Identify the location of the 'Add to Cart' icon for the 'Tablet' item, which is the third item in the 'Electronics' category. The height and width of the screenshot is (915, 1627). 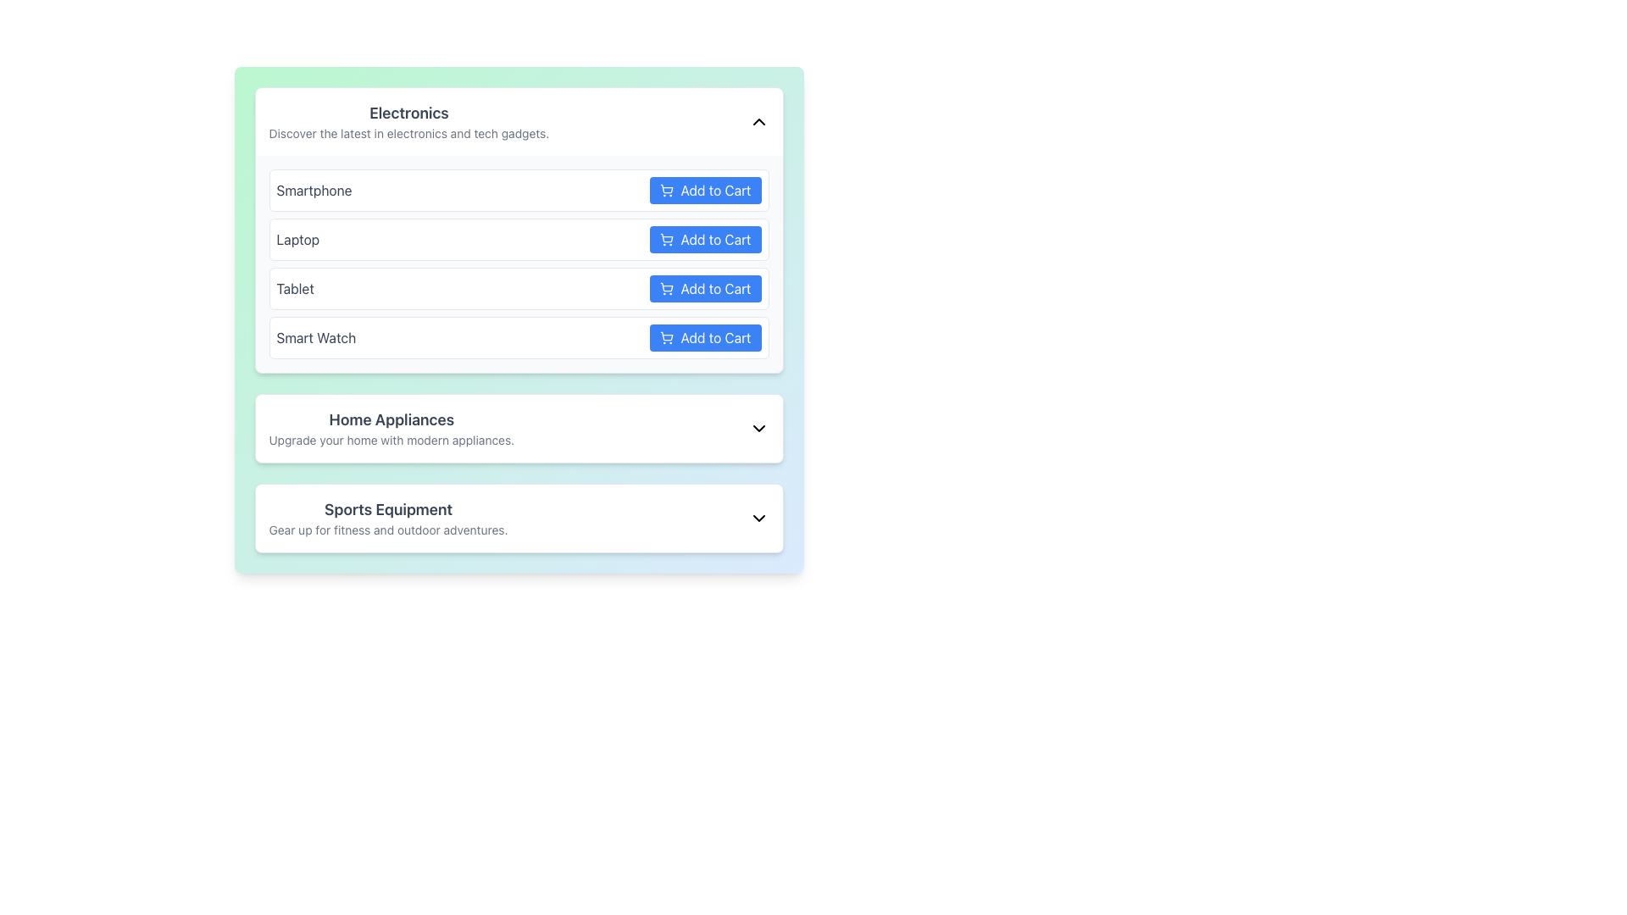
(666, 287).